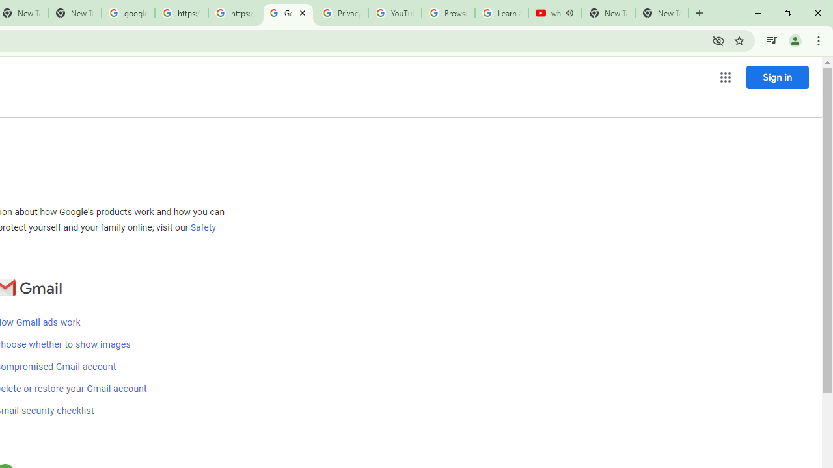 This screenshot has width=833, height=468. What do you see at coordinates (661, 13) in the screenshot?
I see `'New Tab'` at bounding box center [661, 13].